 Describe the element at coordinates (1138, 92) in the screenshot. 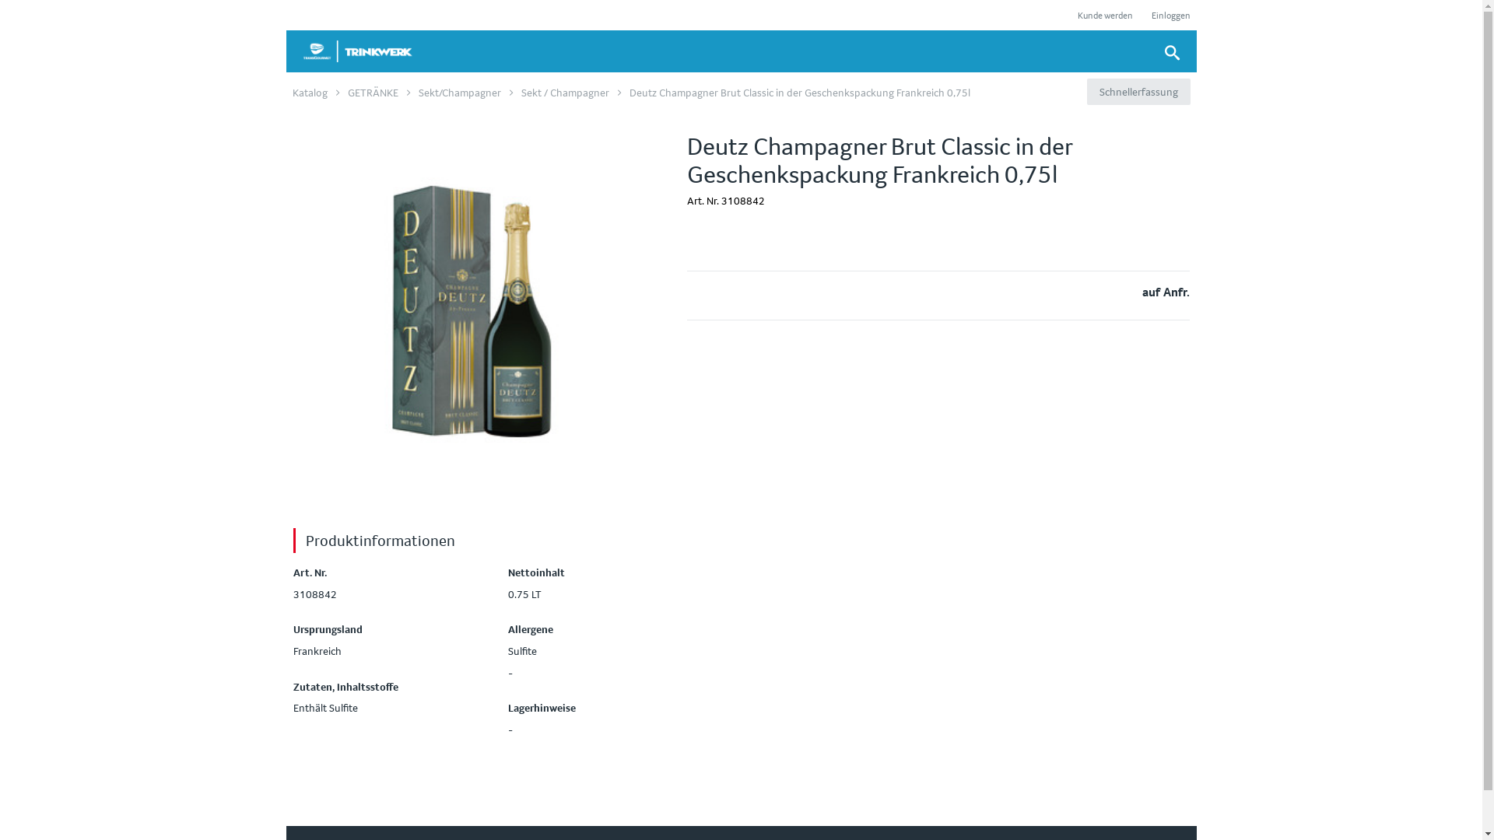

I see `'Schnellerfassung'` at that location.